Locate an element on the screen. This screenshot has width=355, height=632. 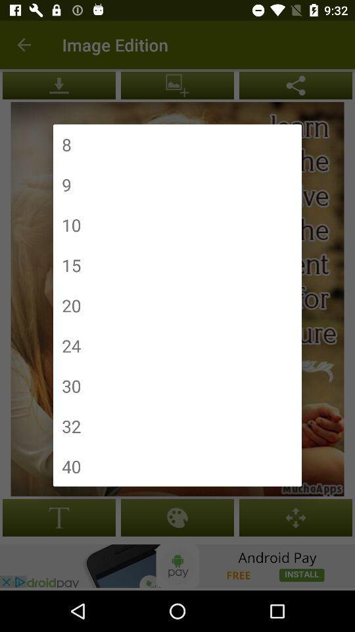
item above the 20 item is located at coordinates (71, 264).